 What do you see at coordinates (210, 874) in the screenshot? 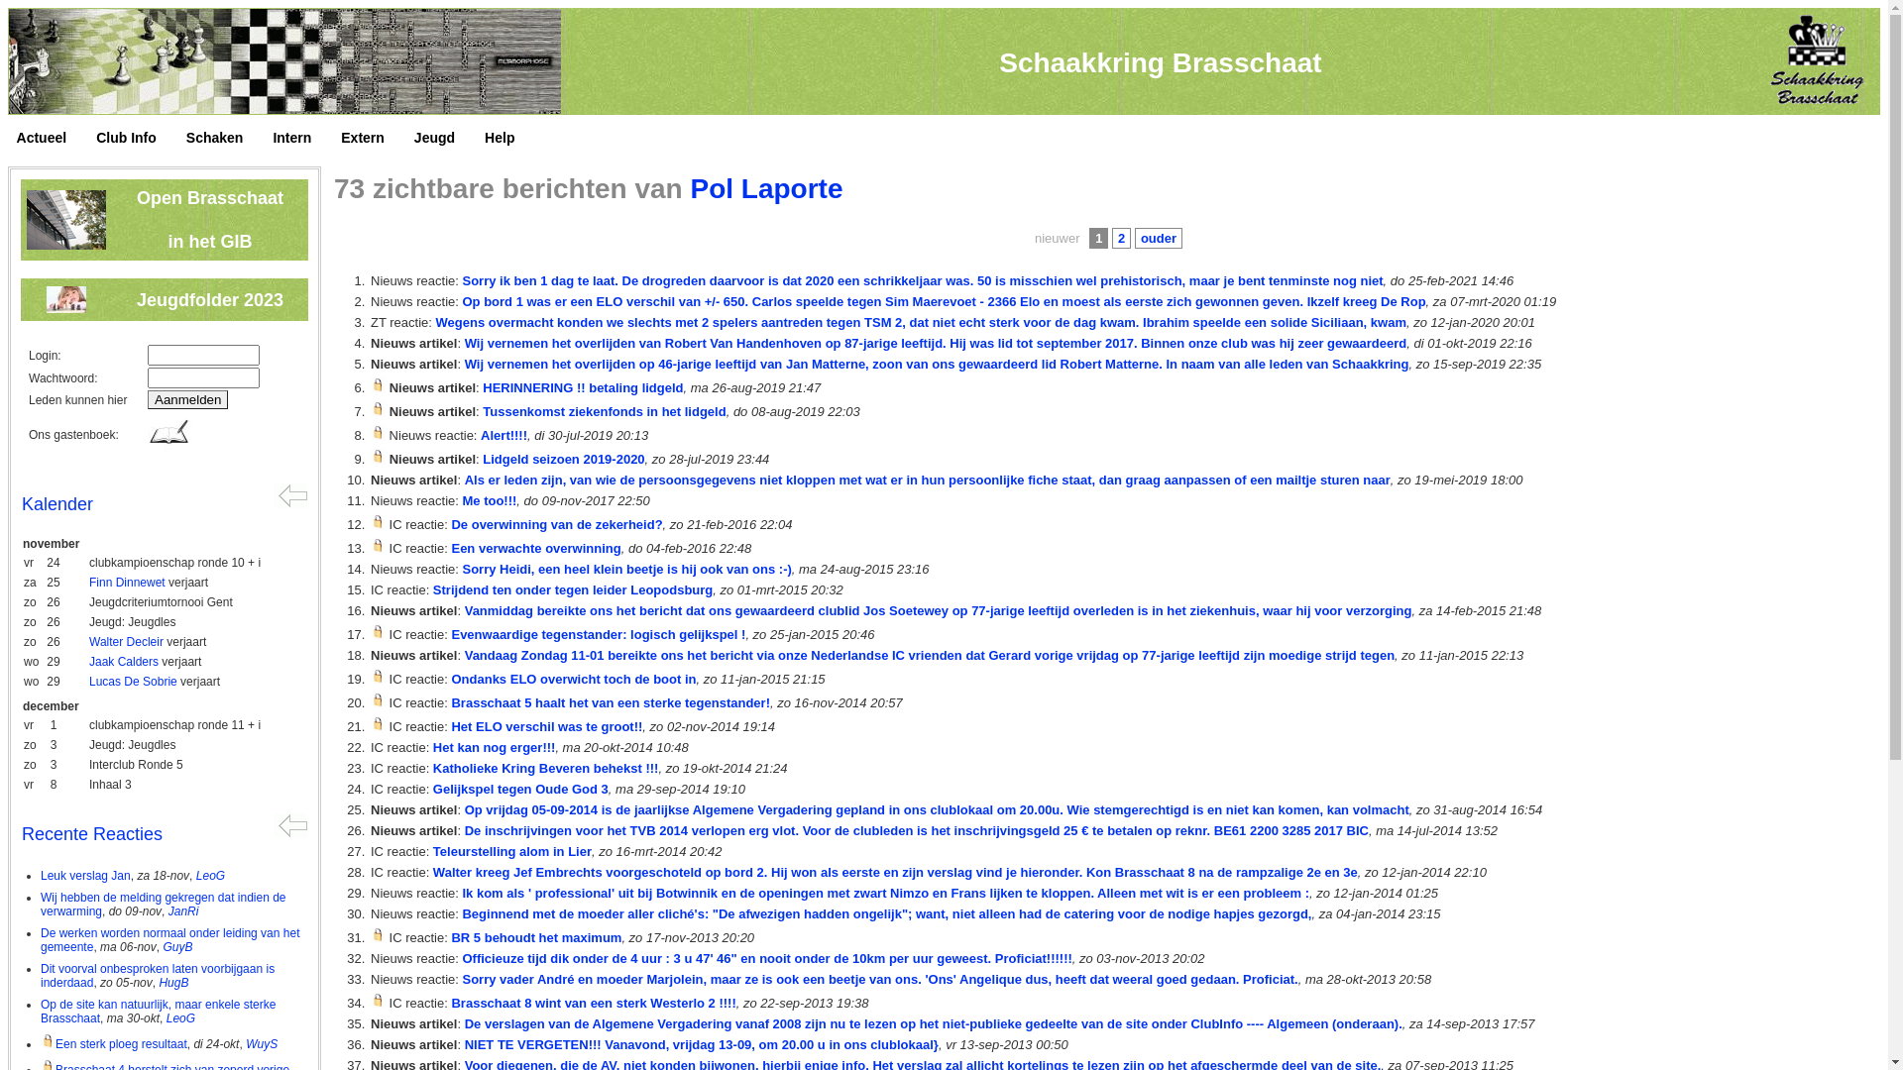
I see `'LeoG'` at bounding box center [210, 874].